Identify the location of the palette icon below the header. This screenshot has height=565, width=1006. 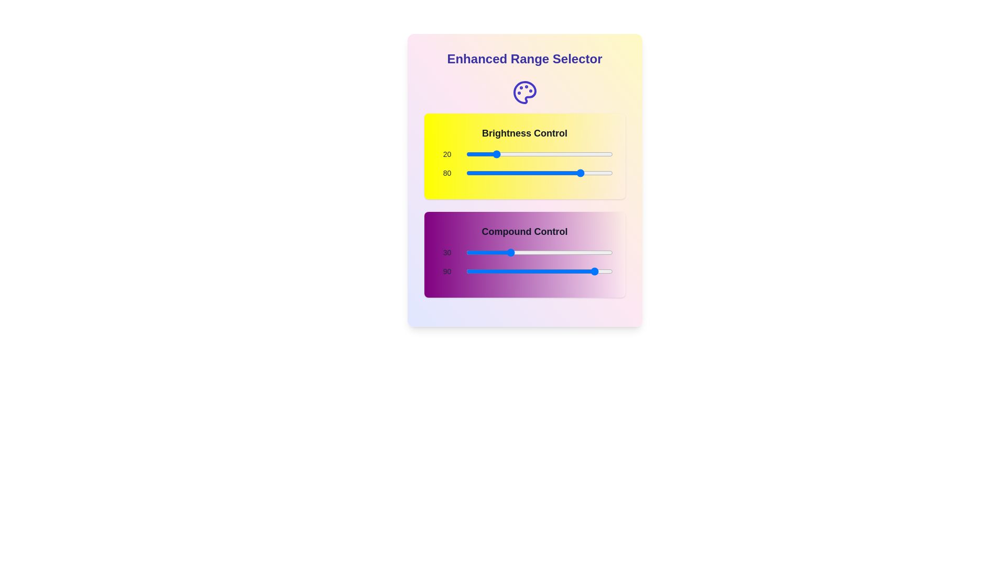
(524, 92).